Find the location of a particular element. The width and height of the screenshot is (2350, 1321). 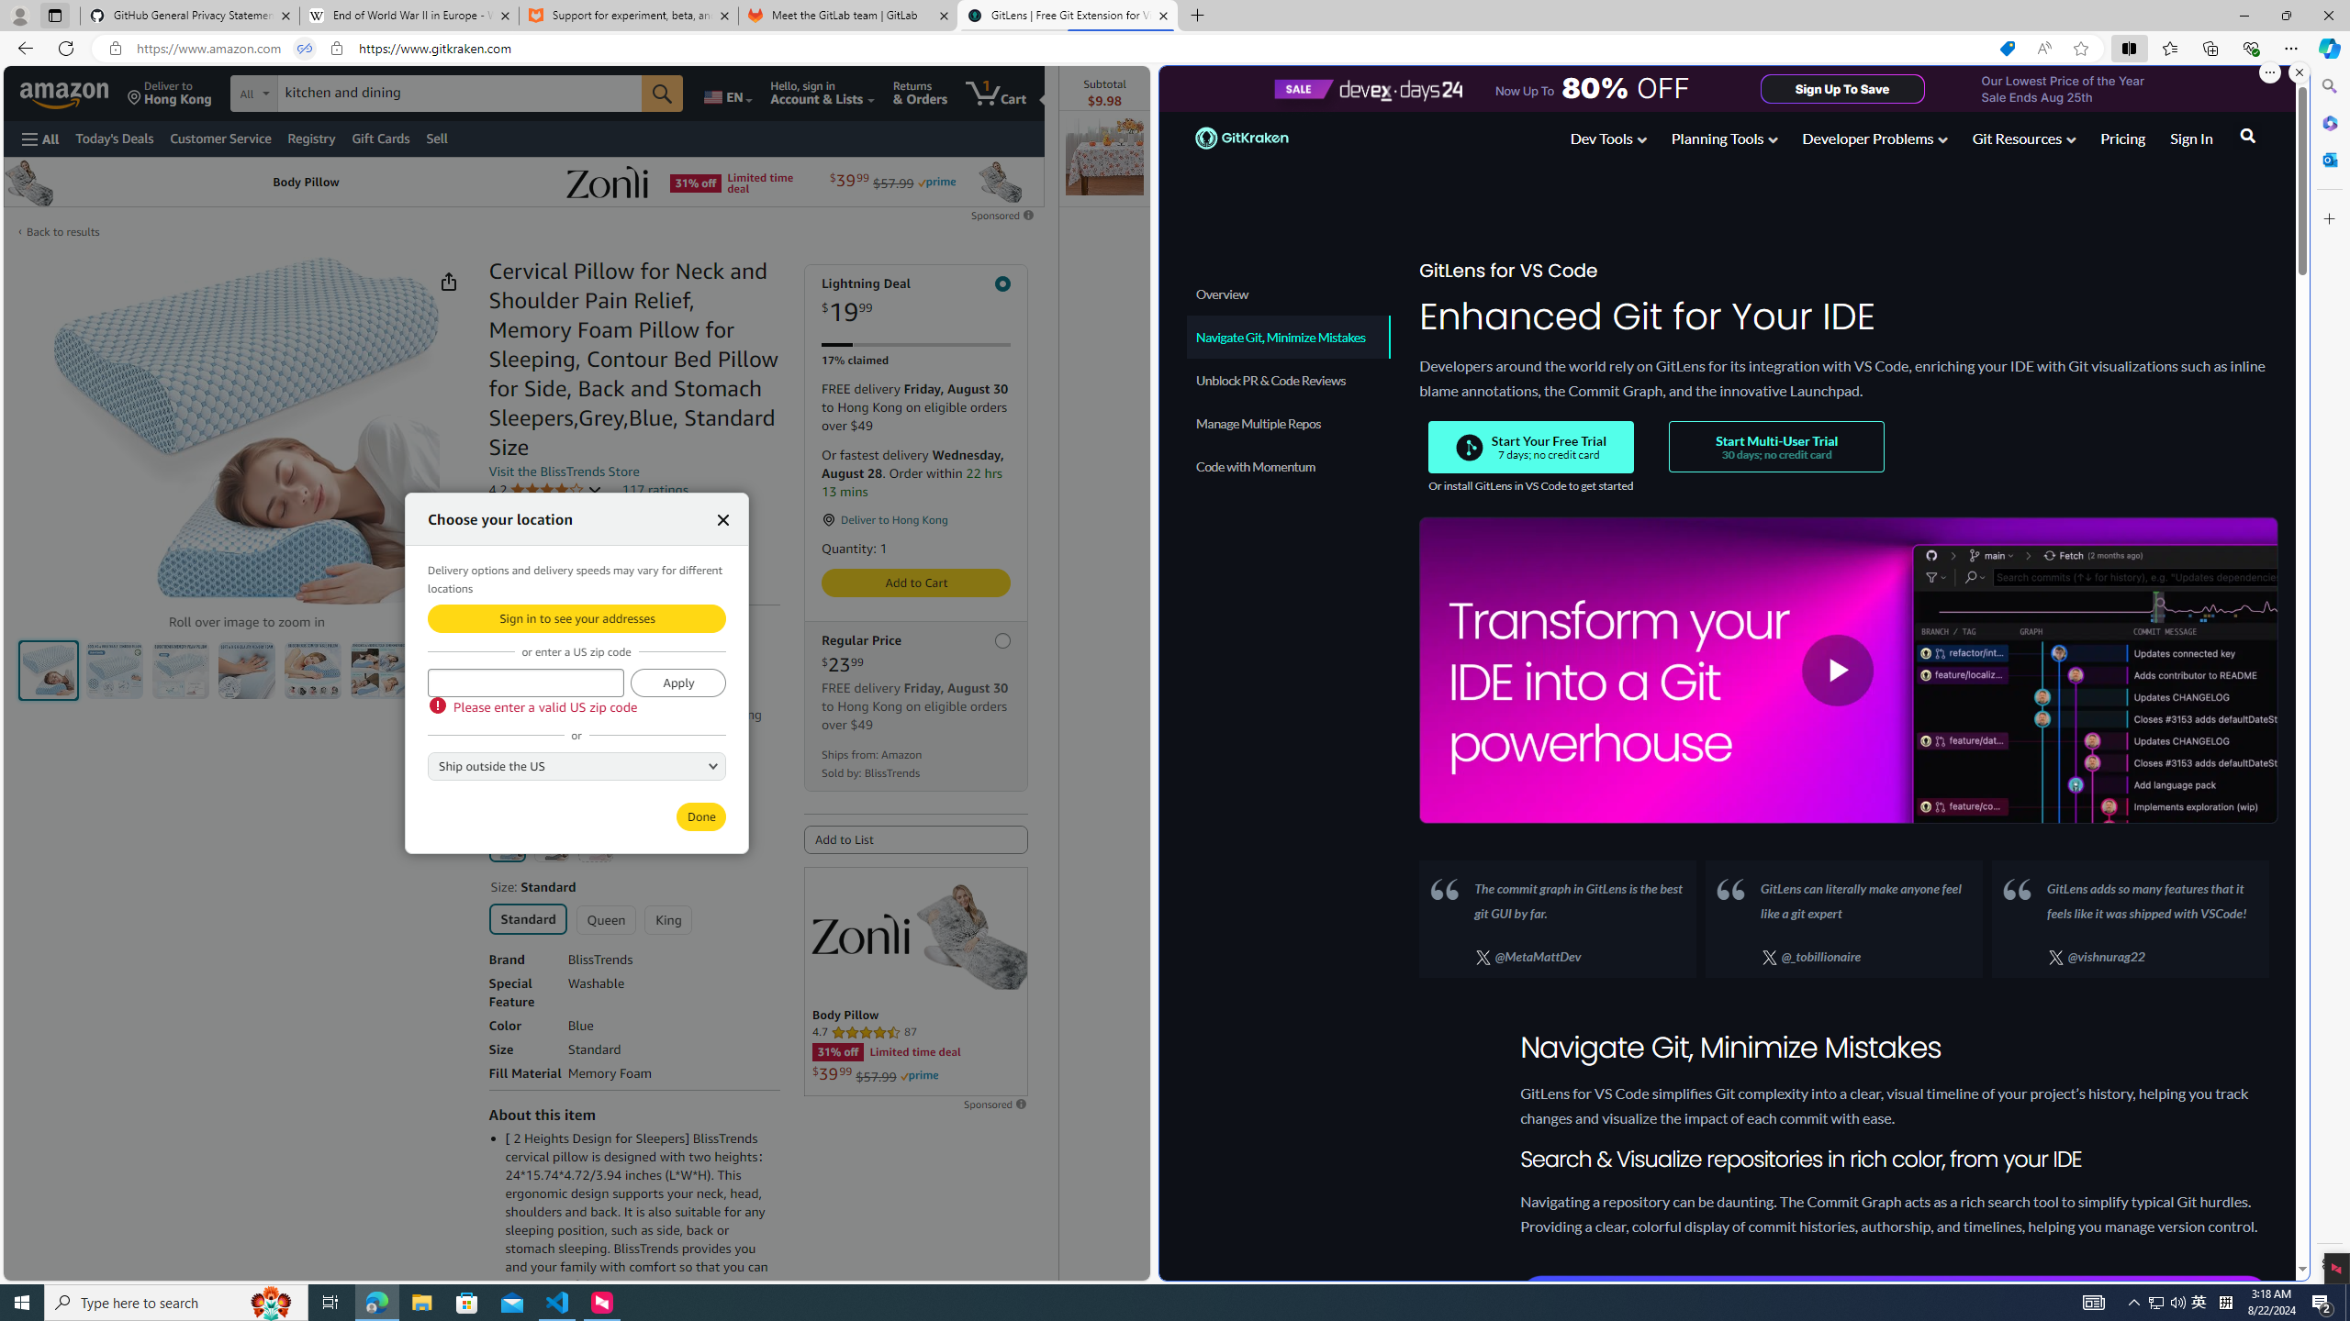

'End of World War II in Europe - Wikipedia' is located at coordinates (408, 15).